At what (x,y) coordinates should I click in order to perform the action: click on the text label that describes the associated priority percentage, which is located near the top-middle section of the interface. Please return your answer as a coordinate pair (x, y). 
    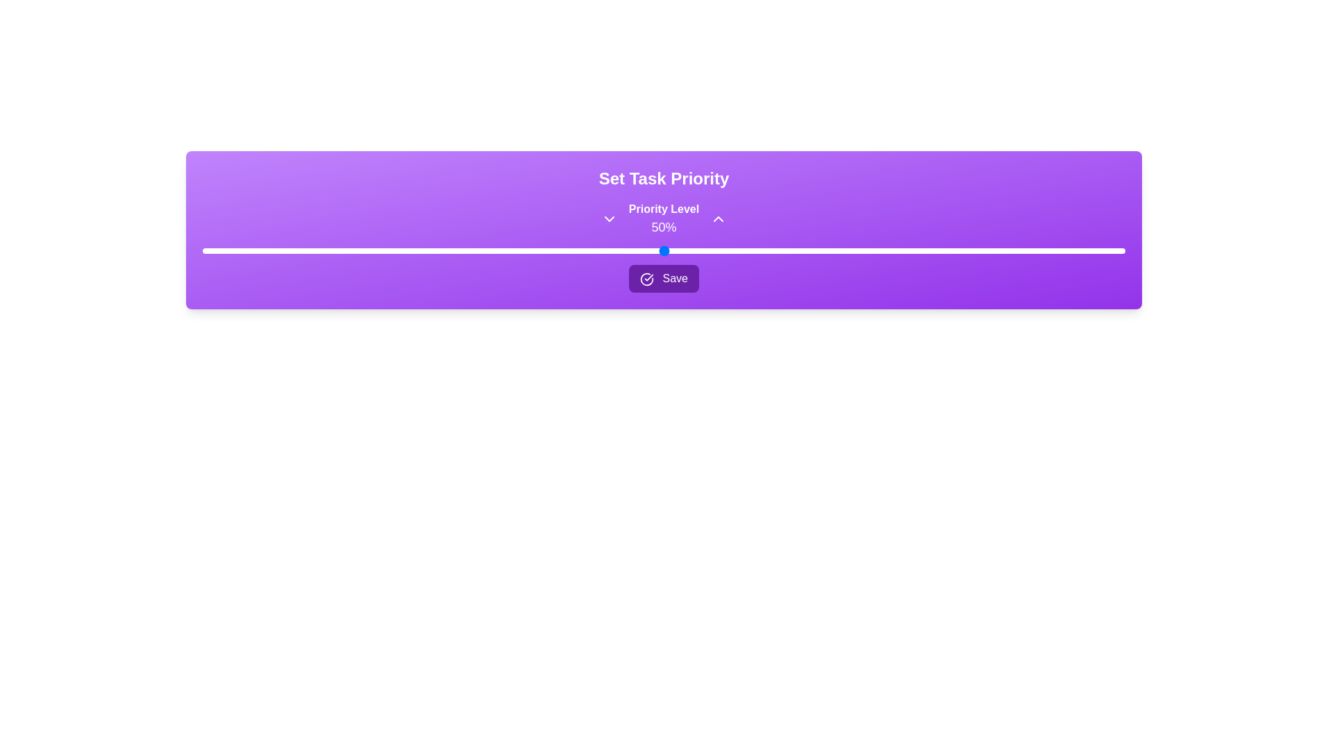
    Looking at the image, I should click on (663, 209).